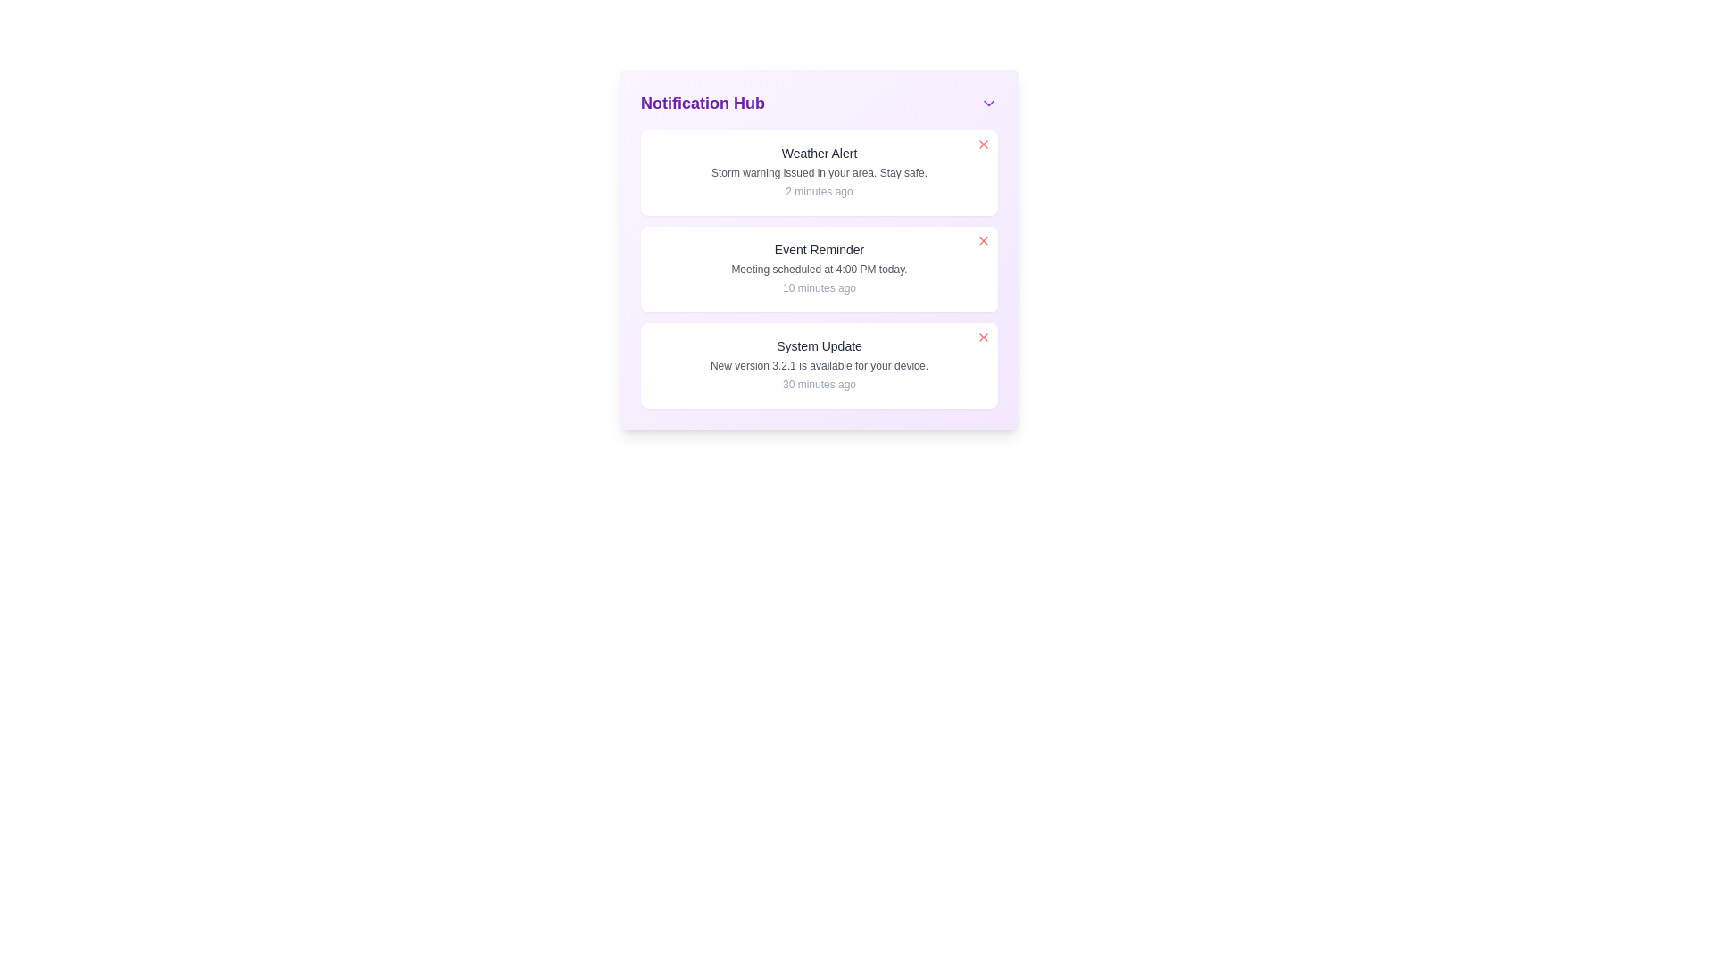 The image size is (1714, 964). What do you see at coordinates (702, 103) in the screenshot?
I see `the 'Notification Hub' text label, which is a large bold purple text at the top of a notification card` at bounding box center [702, 103].